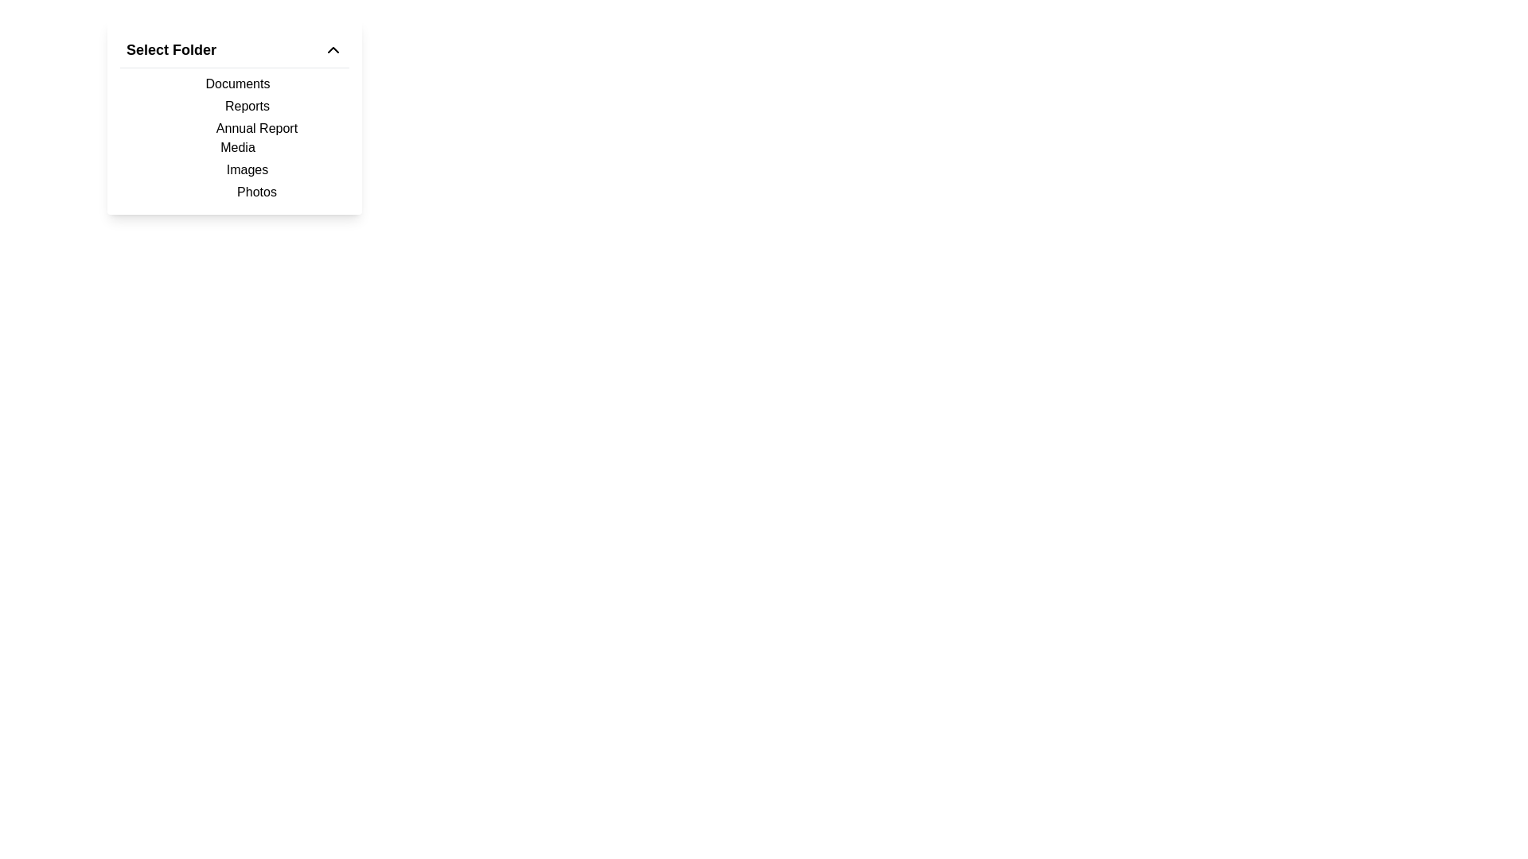 This screenshot has height=859, width=1528. What do you see at coordinates (252, 128) in the screenshot?
I see `the 'Annual Report' text label in the vertical list of options below the 'Select Folder' section` at bounding box center [252, 128].